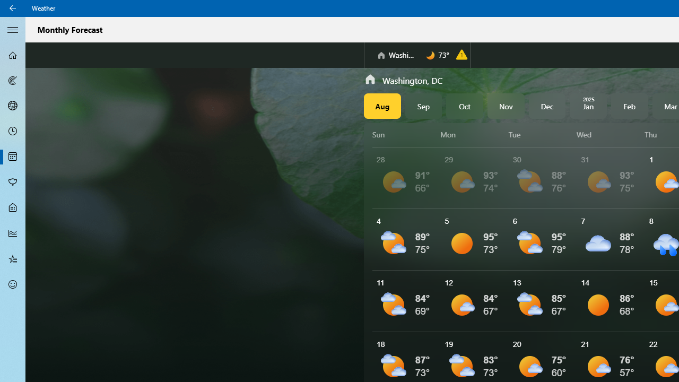 This screenshot has height=382, width=679. What do you see at coordinates (13, 157) in the screenshot?
I see `'Monthly Forecast - Not Selected'` at bounding box center [13, 157].